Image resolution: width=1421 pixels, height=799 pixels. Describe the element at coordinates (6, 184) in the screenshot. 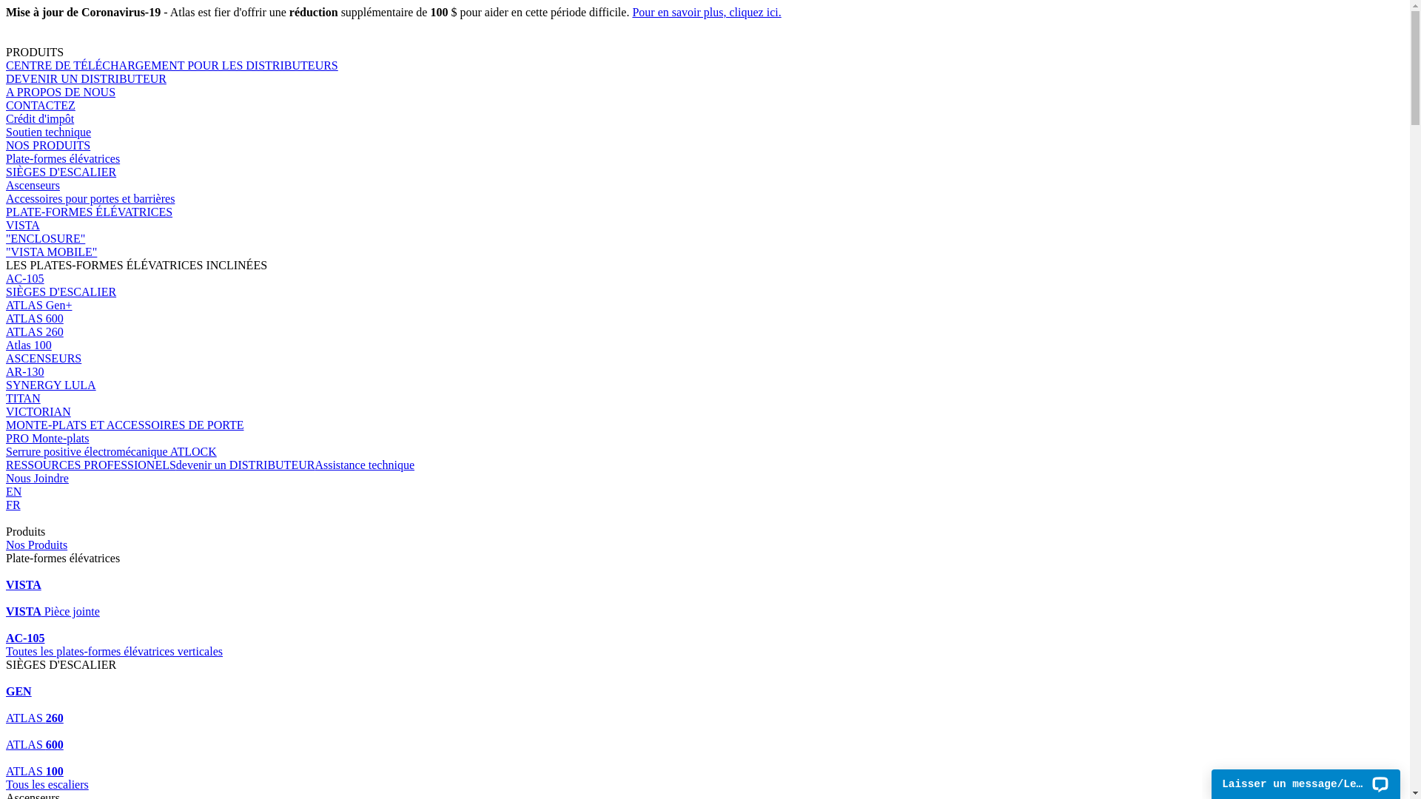

I see `'Ascenseurs'` at that location.